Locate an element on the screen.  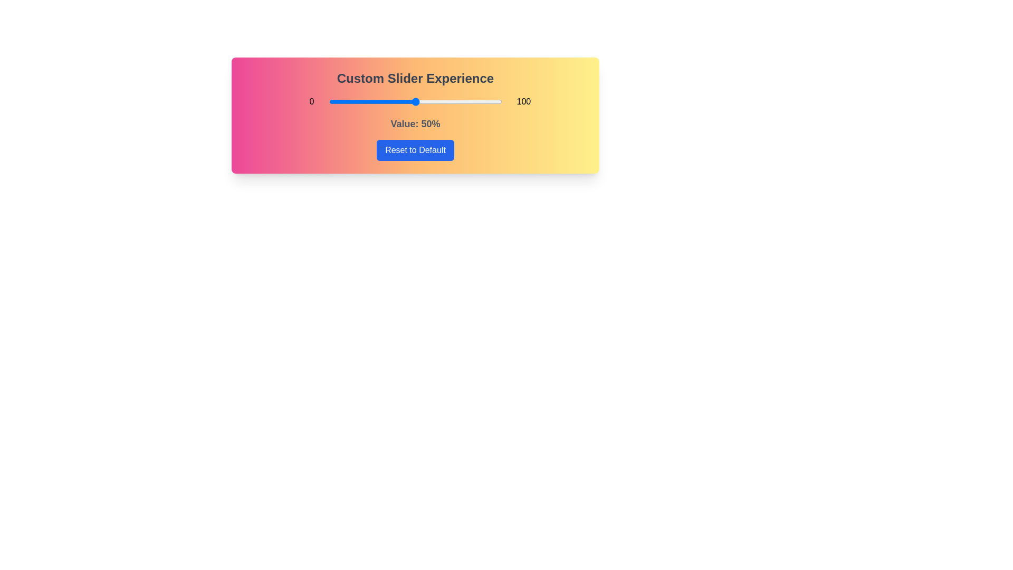
the slider to set its value to 86% is located at coordinates (477, 101).